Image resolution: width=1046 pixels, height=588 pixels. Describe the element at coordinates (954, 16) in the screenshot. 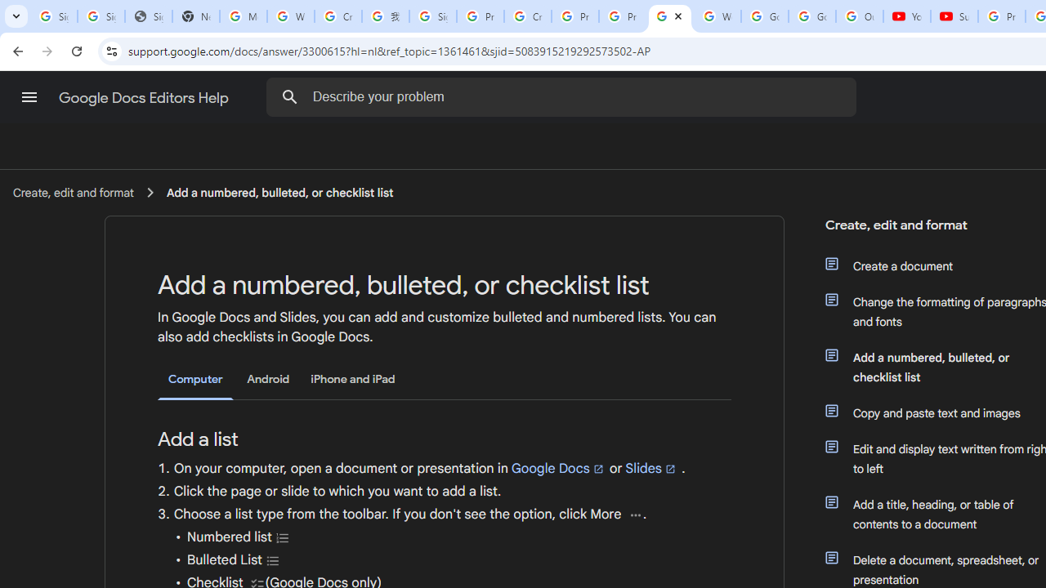

I see `'Subscriptions - YouTube'` at that location.